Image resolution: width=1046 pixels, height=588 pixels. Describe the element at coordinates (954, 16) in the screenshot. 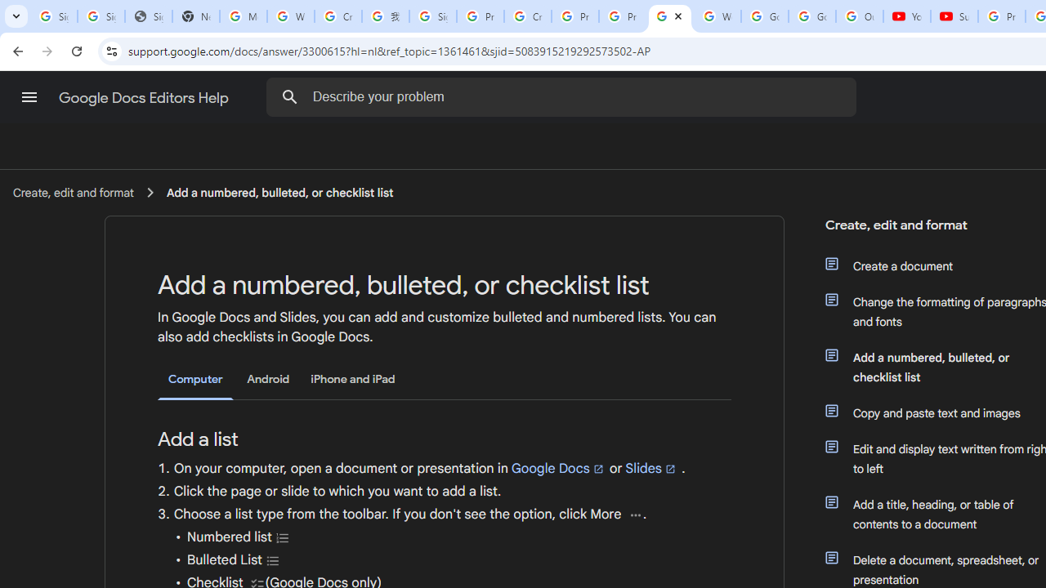

I see `'Subscriptions - YouTube'` at that location.